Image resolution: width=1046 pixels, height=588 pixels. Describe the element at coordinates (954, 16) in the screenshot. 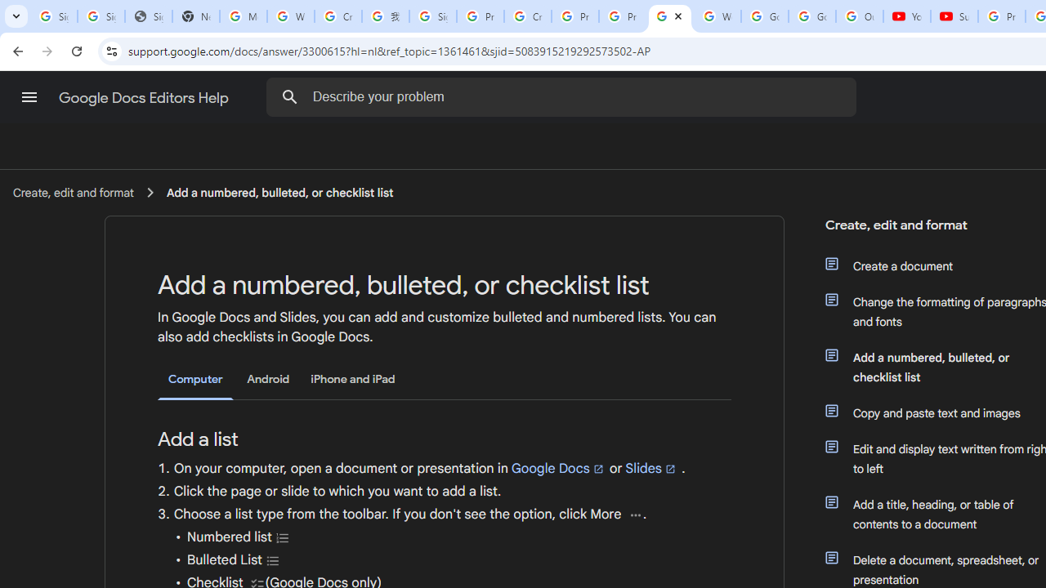

I see `'Subscriptions - YouTube'` at that location.